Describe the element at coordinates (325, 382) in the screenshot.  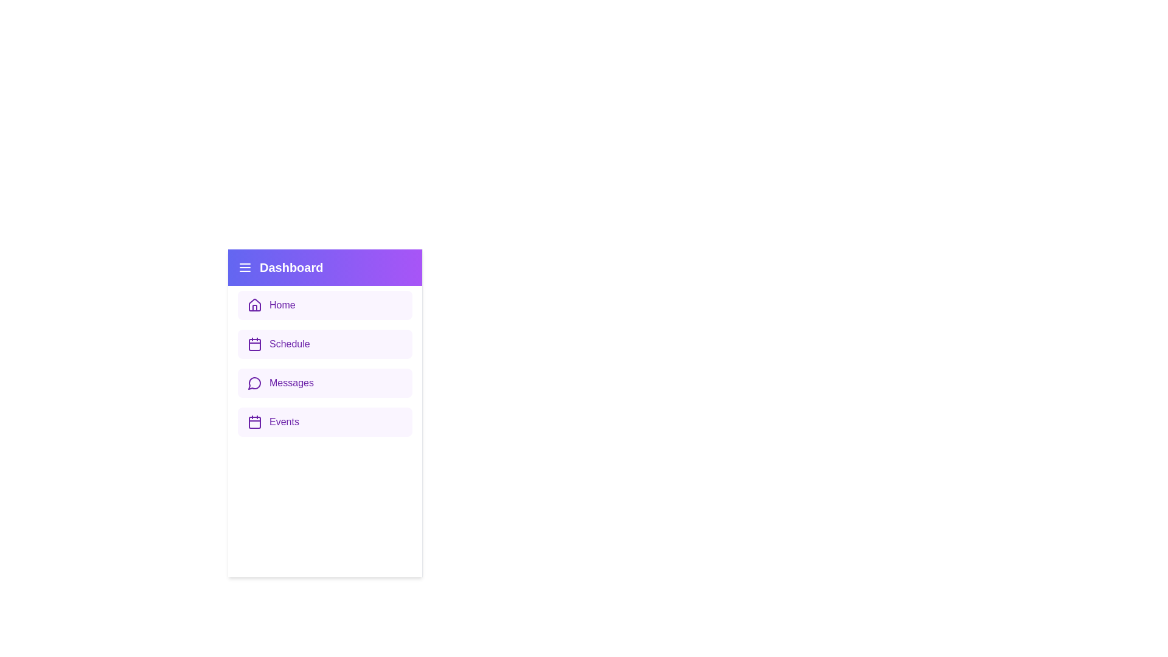
I see `the 'Messages' button to navigate to the 'Messages' section` at that location.